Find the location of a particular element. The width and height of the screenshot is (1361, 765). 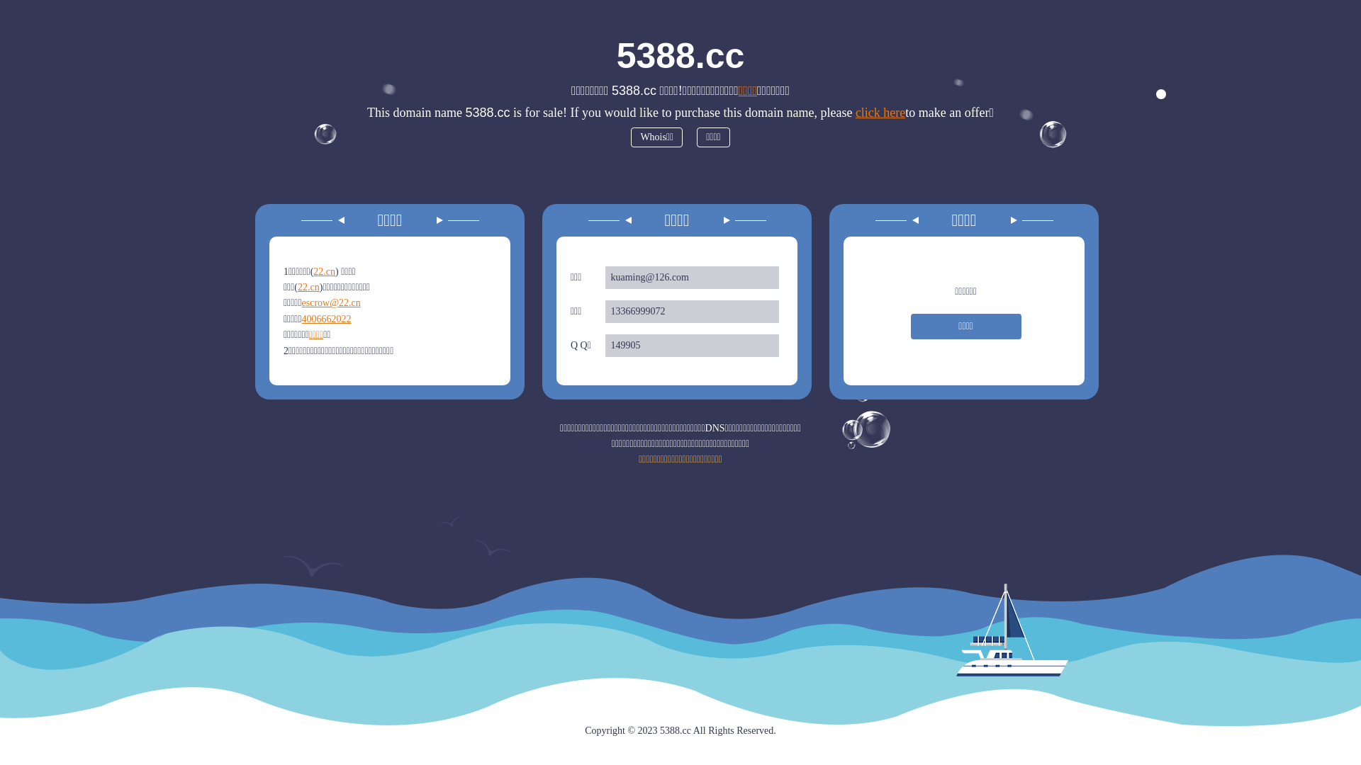

'4006662022' is located at coordinates (301, 319).